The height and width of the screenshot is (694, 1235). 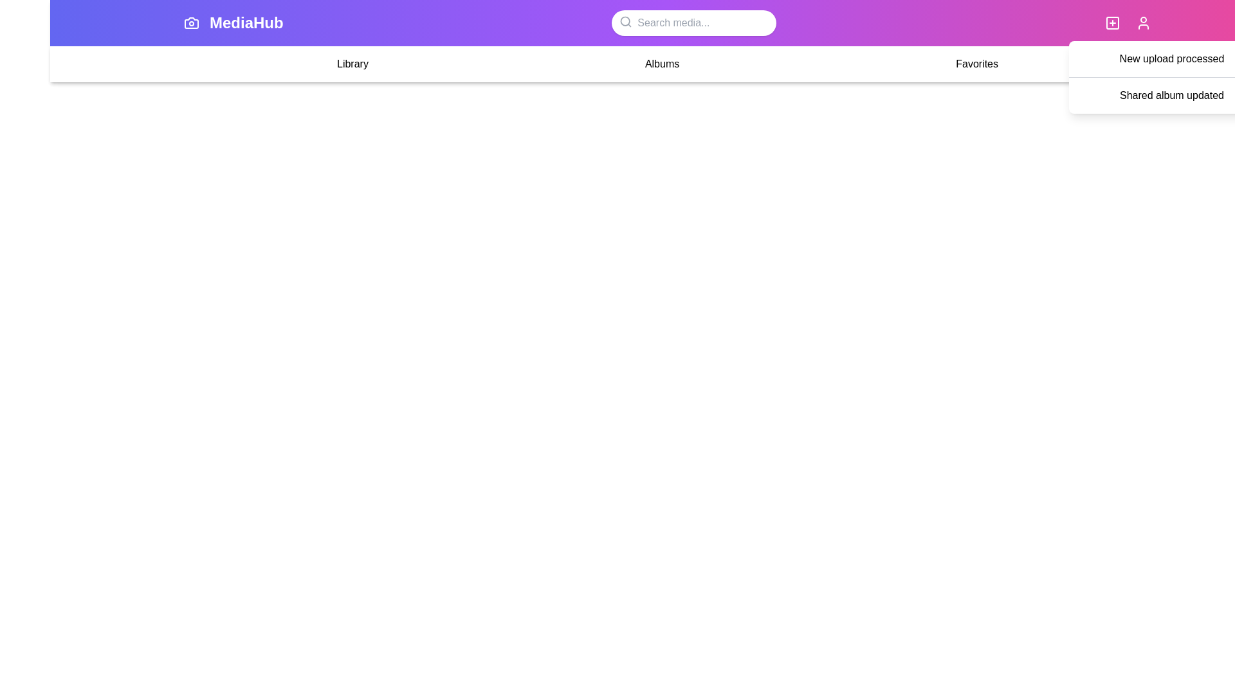 What do you see at coordinates (190, 22) in the screenshot?
I see `the camera icon to navigate to the media capture section` at bounding box center [190, 22].